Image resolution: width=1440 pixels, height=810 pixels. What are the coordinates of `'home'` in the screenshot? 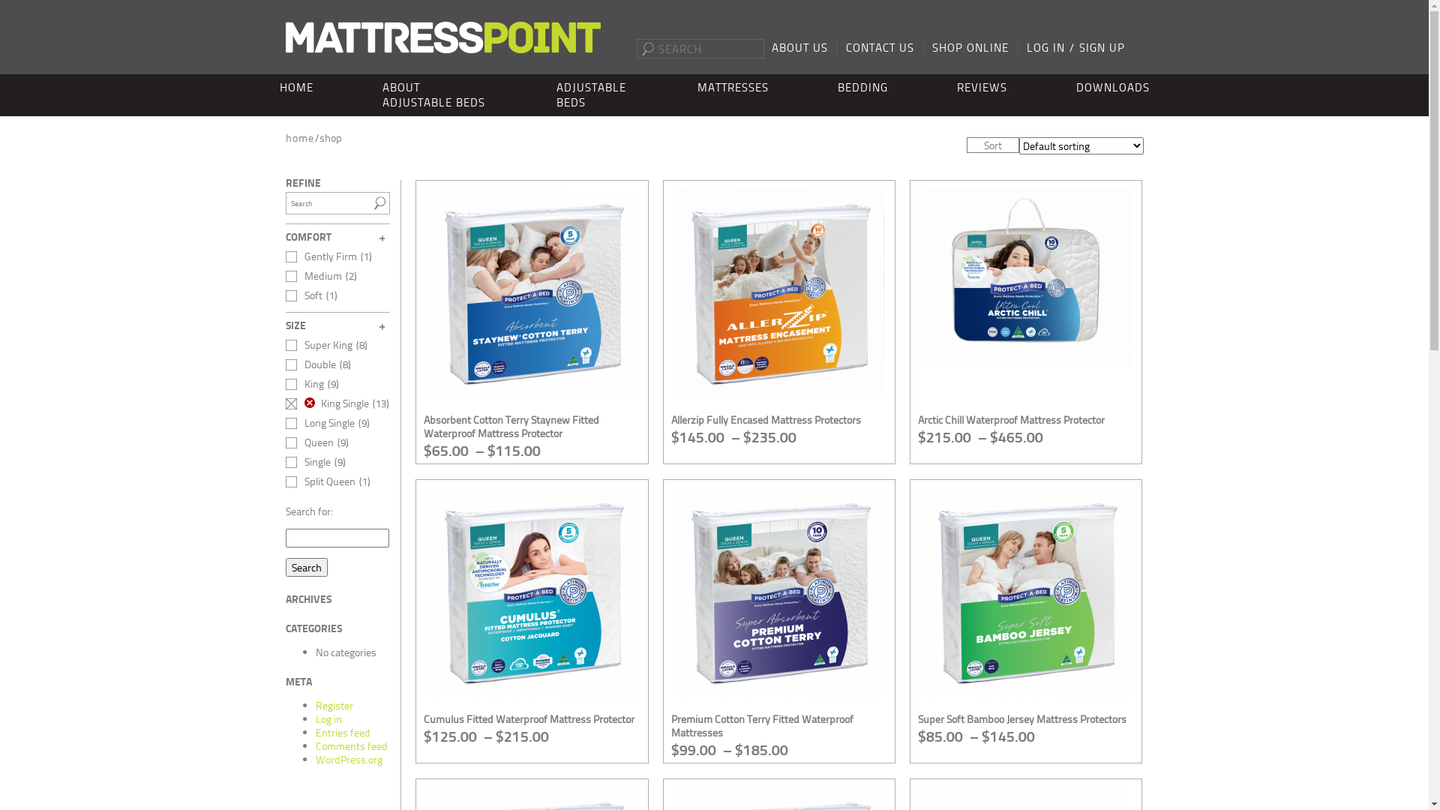 It's located at (298, 137).